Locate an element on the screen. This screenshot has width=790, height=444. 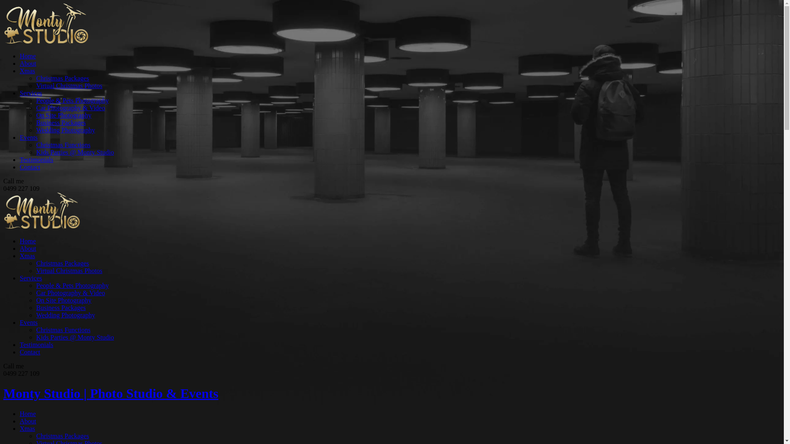
'Virtual Christmas Photos' is located at coordinates (69, 86).